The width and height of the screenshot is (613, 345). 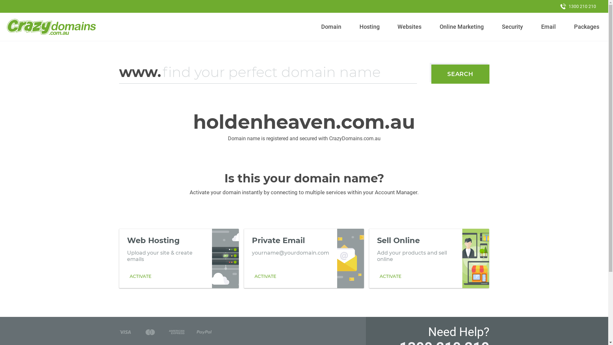 I want to click on 'Websites', so click(x=409, y=27).